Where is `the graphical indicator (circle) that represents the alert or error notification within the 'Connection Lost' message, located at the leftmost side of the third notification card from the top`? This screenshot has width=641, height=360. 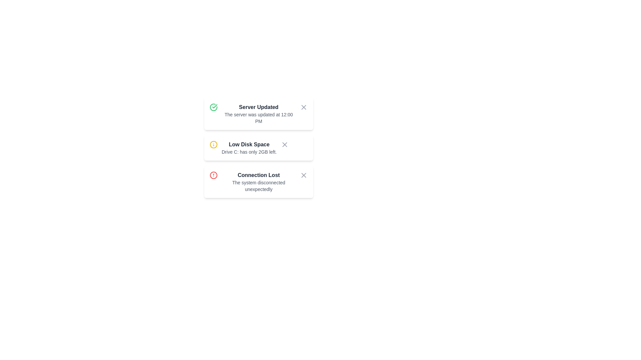 the graphical indicator (circle) that represents the alert or error notification within the 'Connection Lost' message, located at the leftmost side of the third notification card from the top is located at coordinates (213, 175).